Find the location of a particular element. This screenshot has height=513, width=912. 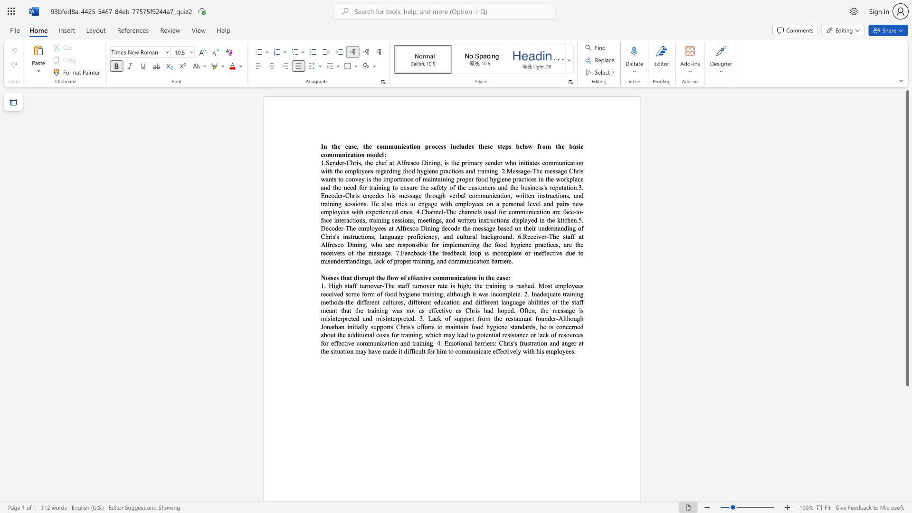

the 2th character "d" in the text is located at coordinates (495, 162).